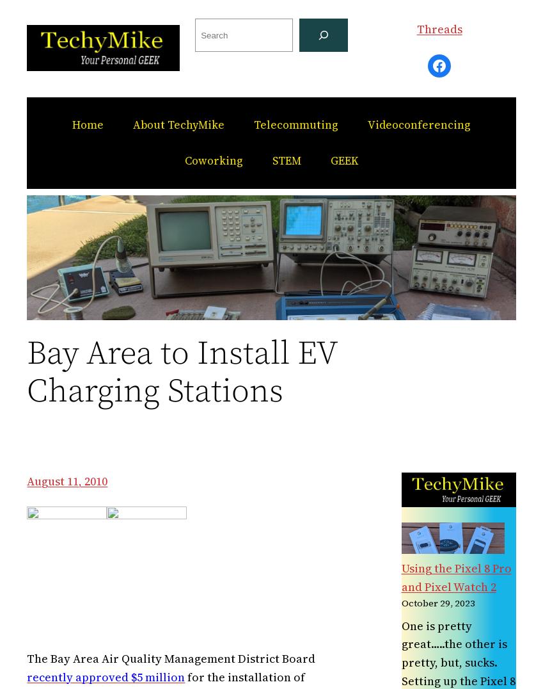  What do you see at coordinates (67, 480) in the screenshot?
I see `'August 11, 2010'` at bounding box center [67, 480].